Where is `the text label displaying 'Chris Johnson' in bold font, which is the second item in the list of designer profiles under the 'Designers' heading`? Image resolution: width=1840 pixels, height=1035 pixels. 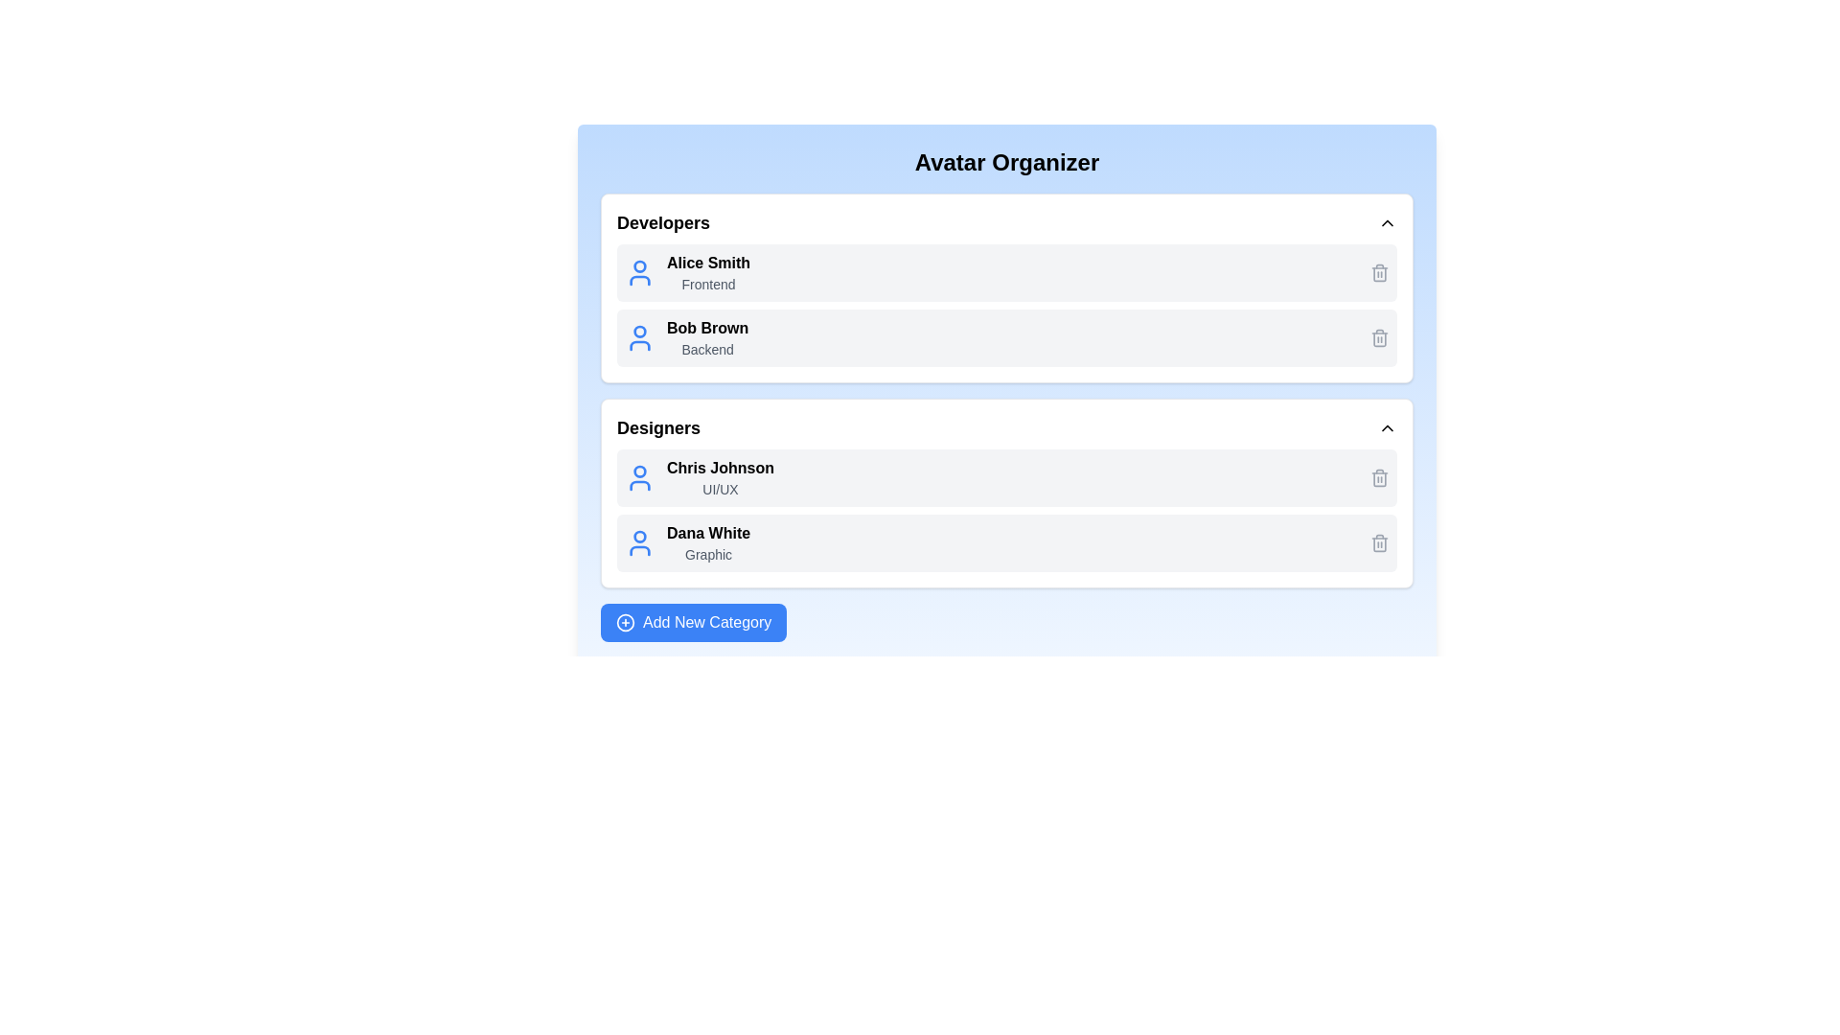 the text label displaying 'Chris Johnson' in bold font, which is the second item in the list of designer profiles under the 'Designers' heading is located at coordinates (720, 476).